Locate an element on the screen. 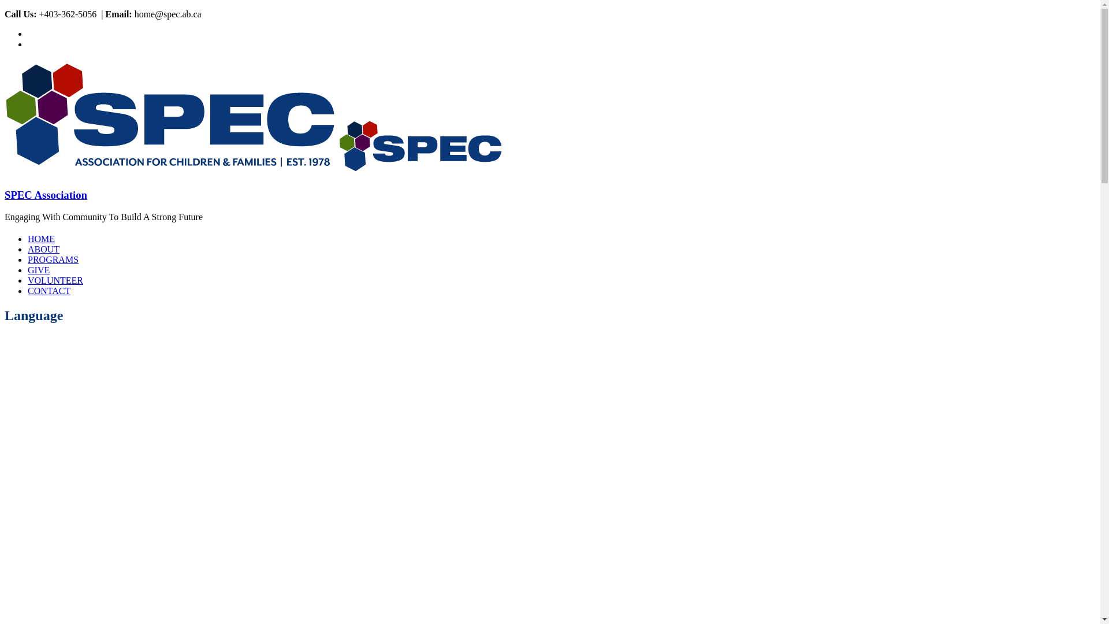  'HOME' is located at coordinates (41, 238).